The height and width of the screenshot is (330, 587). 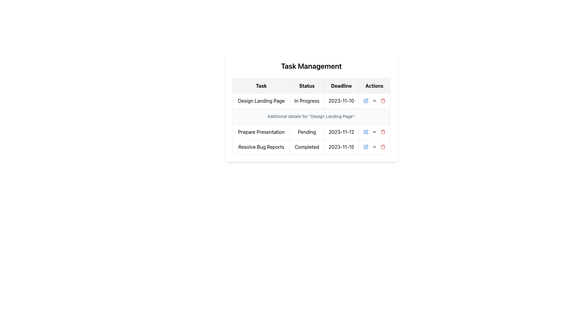 I want to click on the text label displaying the name of a task in the task management interface for accessibility purposes, so click(x=261, y=132).